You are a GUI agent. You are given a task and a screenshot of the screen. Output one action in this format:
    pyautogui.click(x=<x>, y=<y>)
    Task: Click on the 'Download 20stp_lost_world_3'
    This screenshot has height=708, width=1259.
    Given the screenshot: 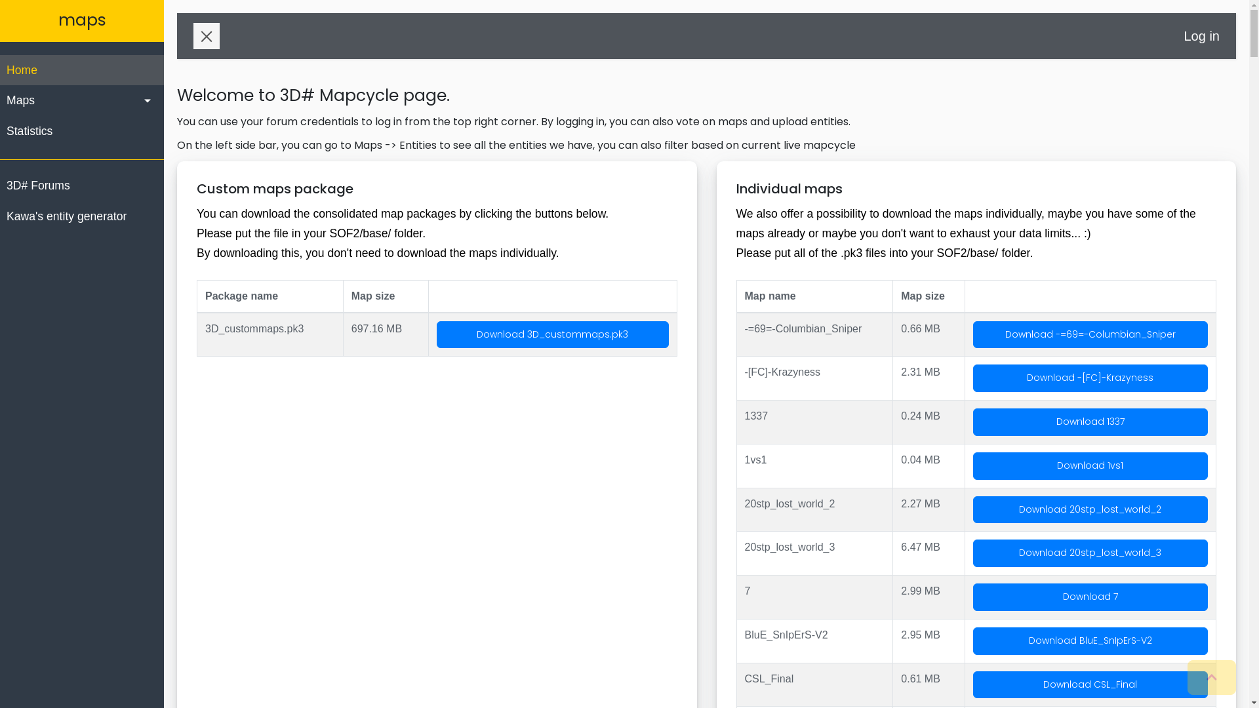 What is the action you would take?
    pyautogui.click(x=1090, y=553)
    